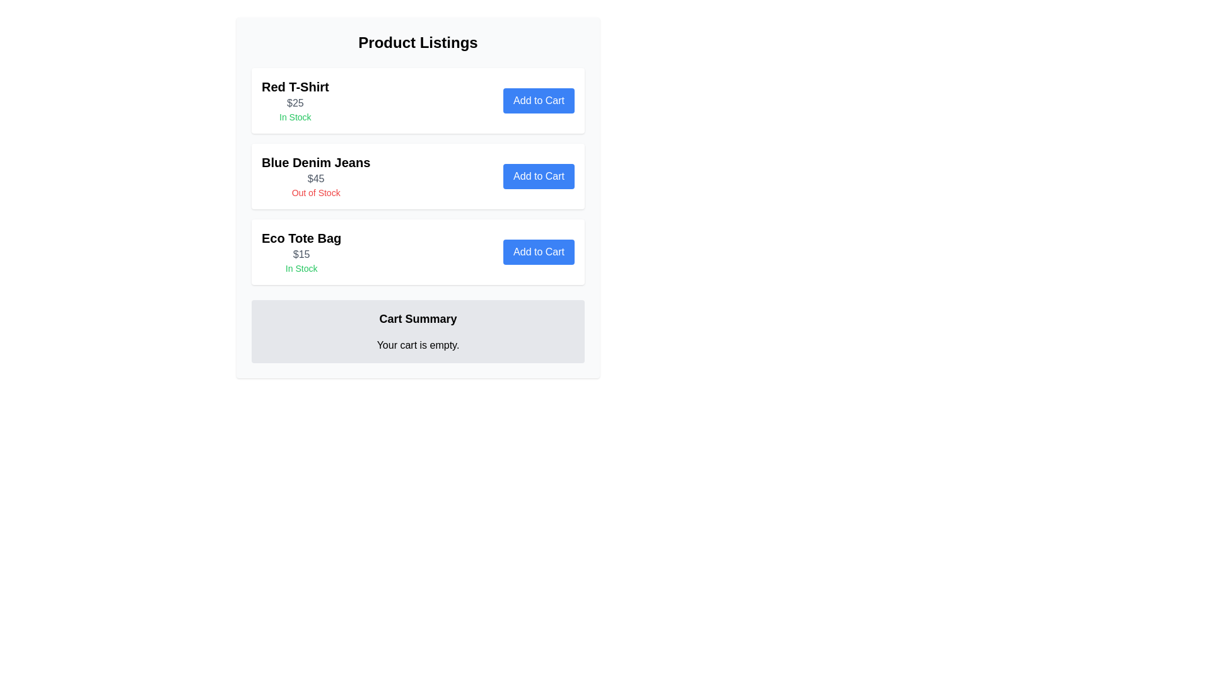 Image resolution: width=1211 pixels, height=681 pixels. What do you see at coordinates (418, 345) in the screenshot?
I see `the Text Label that informs users of an empty shopping cart, located beneath 'Cart Summary'` at bounding box center [418, 345].